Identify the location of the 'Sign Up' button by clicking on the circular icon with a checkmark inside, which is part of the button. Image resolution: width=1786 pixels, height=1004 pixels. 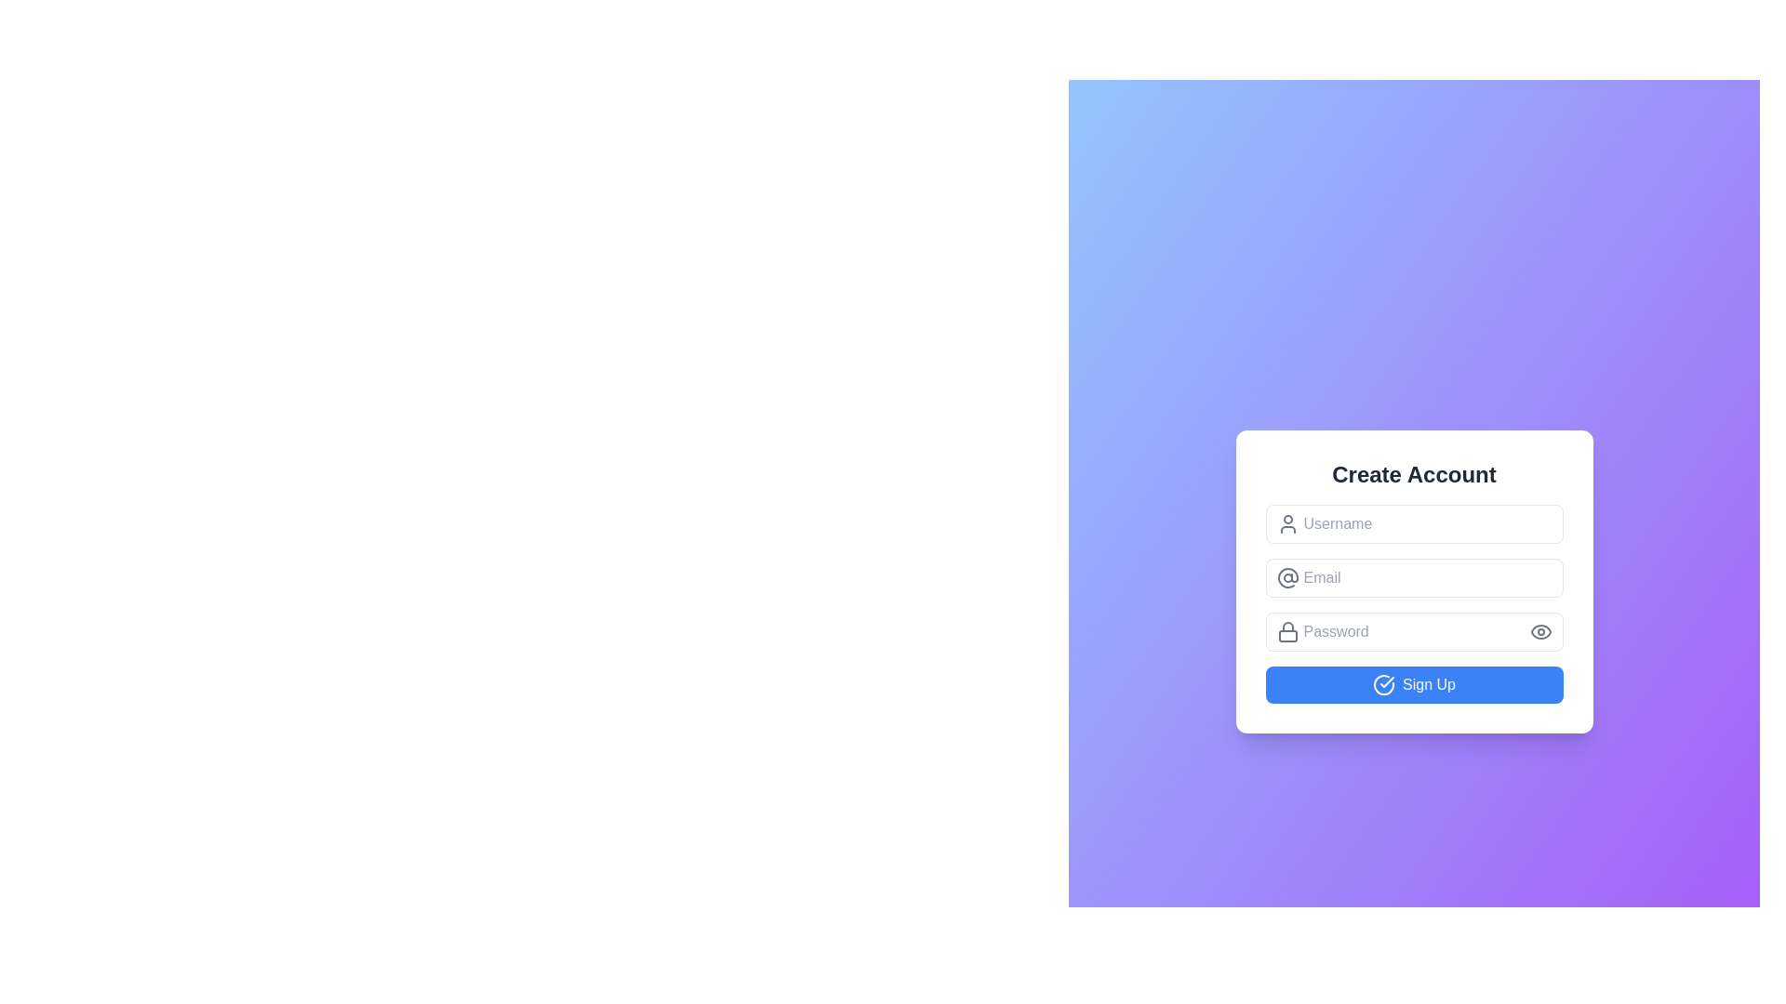
(1384, 684).